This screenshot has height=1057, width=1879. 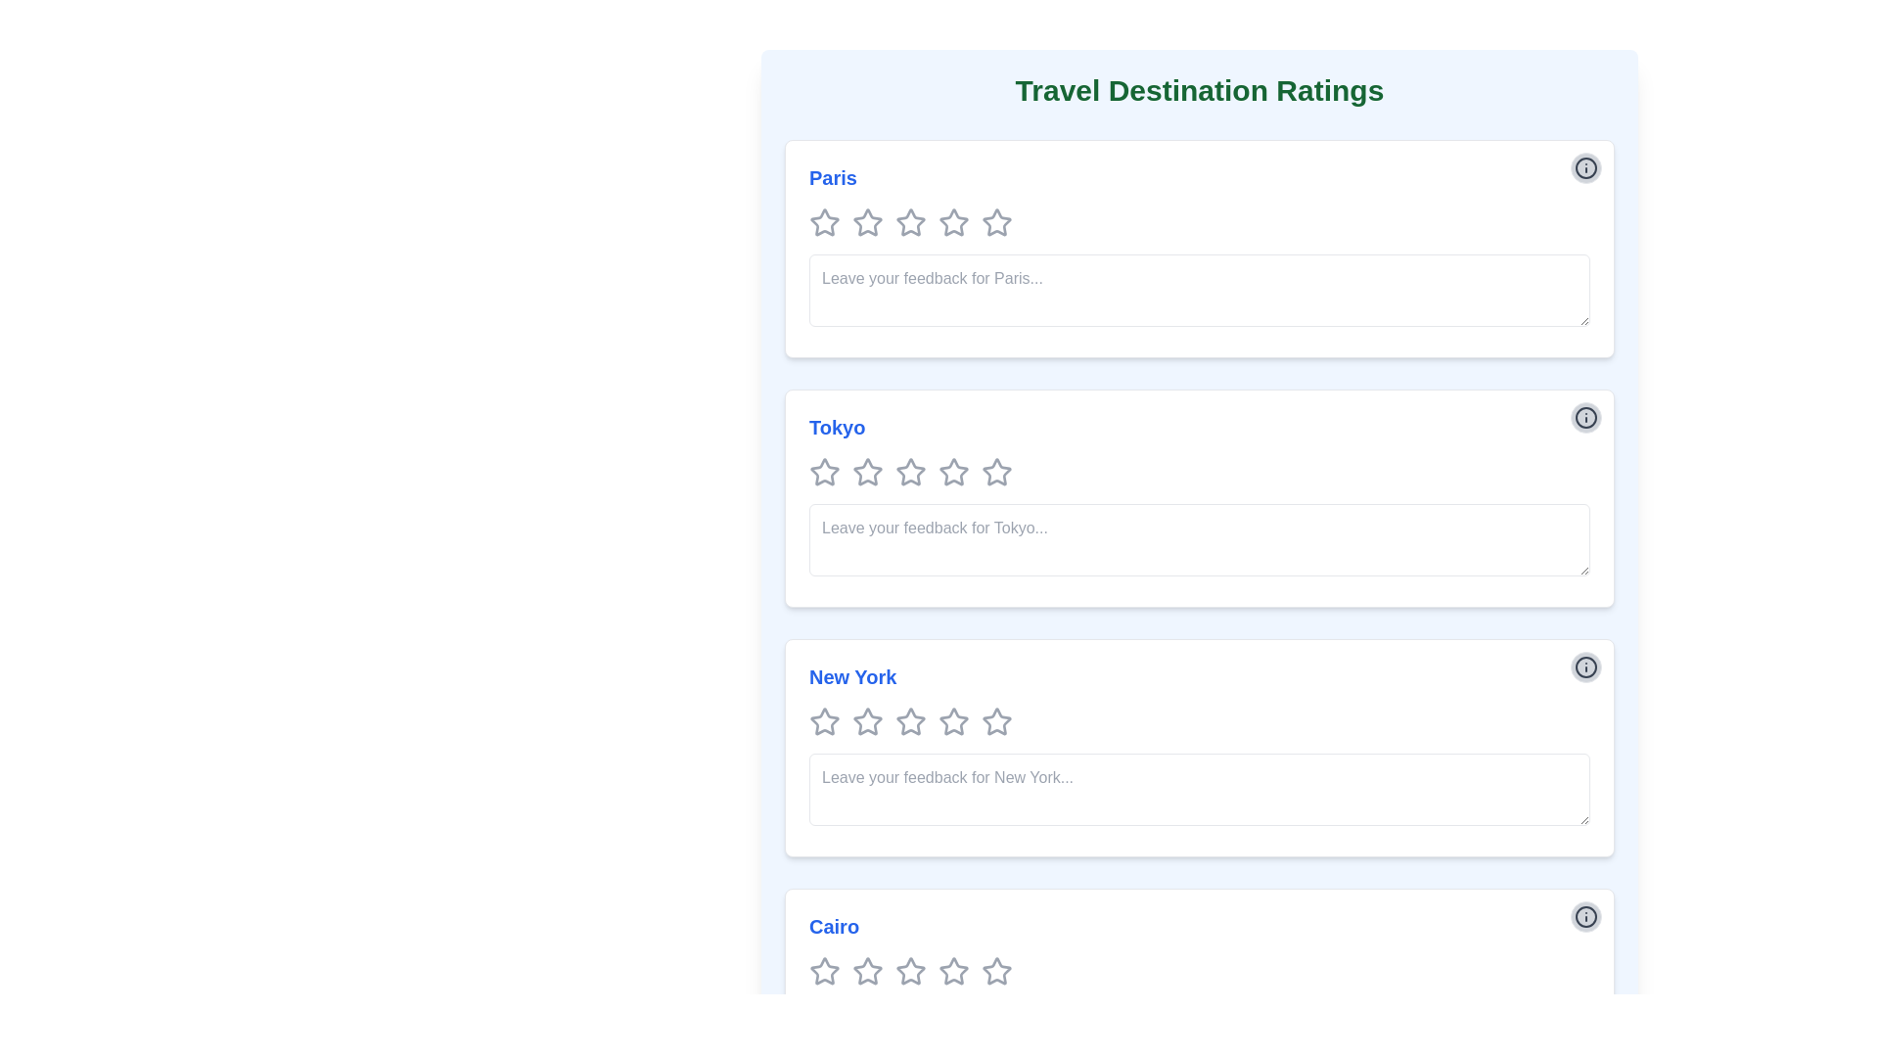 What do you see at coordinates (1586, 666) in the screenshot?
I see `the SVG circle element located at the center of a larger icon near the top-right corner of the 'New York' feedback card` at bounding box center [1586, 666].